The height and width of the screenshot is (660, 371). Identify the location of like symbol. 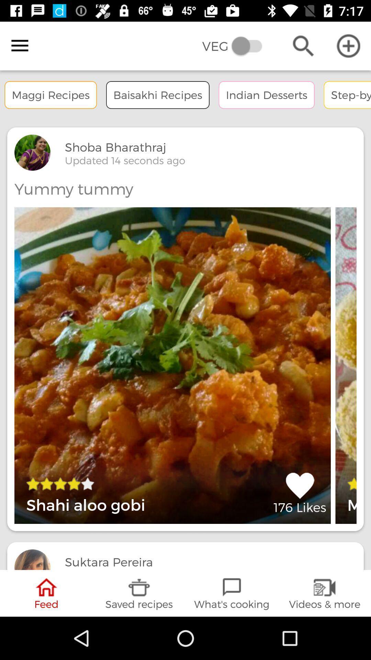
(300, 493).